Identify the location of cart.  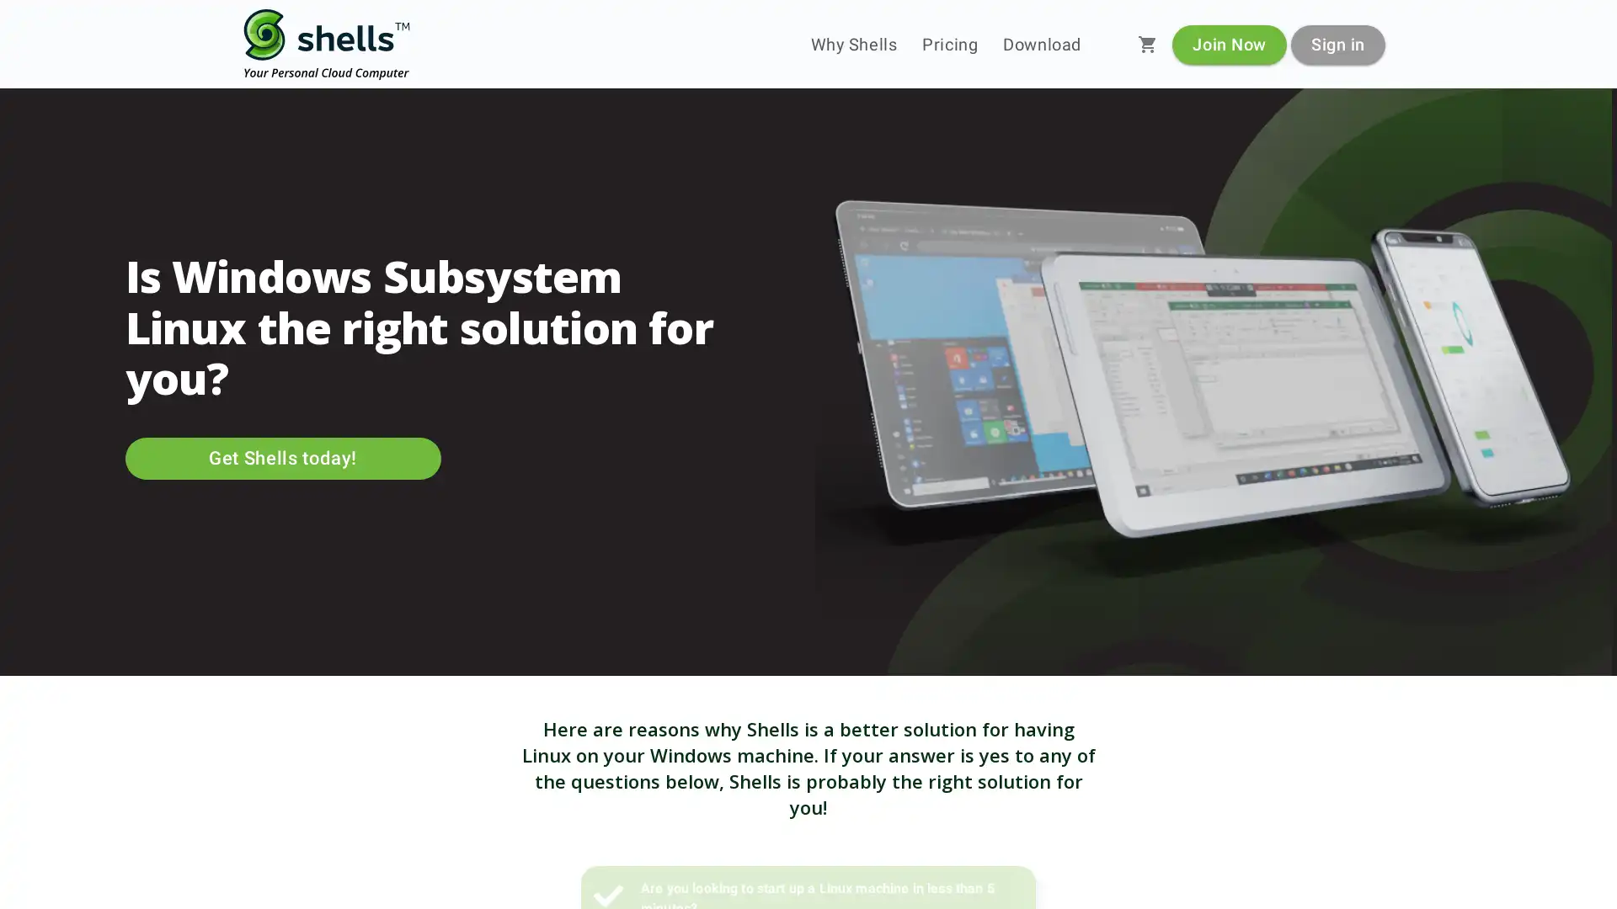
(1147, 44).